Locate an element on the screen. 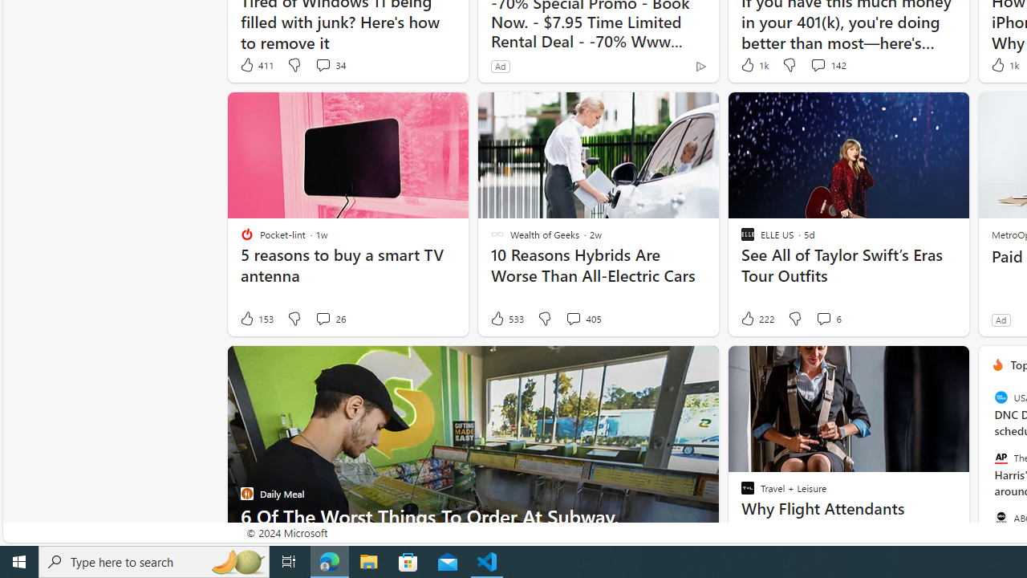  'View comments 142 Comment' is located at coordinates (818, 64).